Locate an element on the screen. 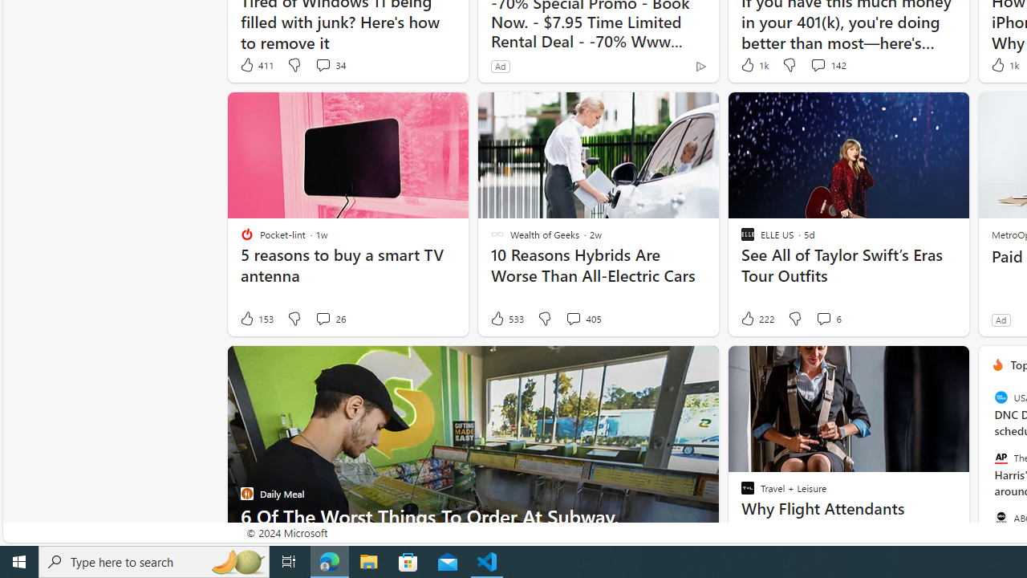  'View comments 142 Comment' is located at coordinates (818, 64).